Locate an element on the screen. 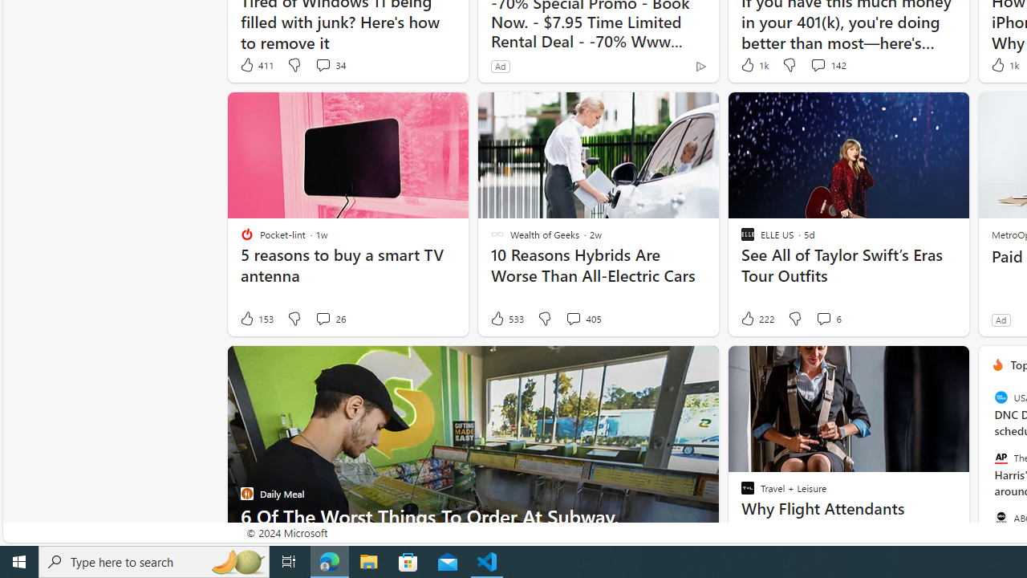  'View comments 142 Comment' is located at coordinates (818, 64).